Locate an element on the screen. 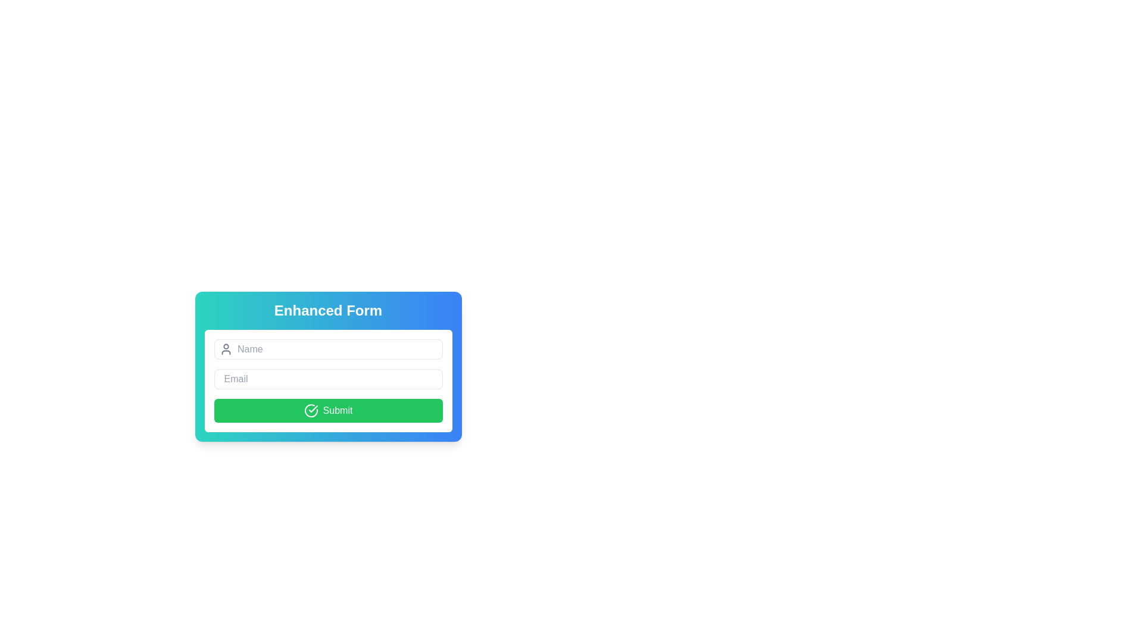  to select the text in the email input field located below the 'Name' field and above the 'Submit' button is located at coordinates (328, 379).